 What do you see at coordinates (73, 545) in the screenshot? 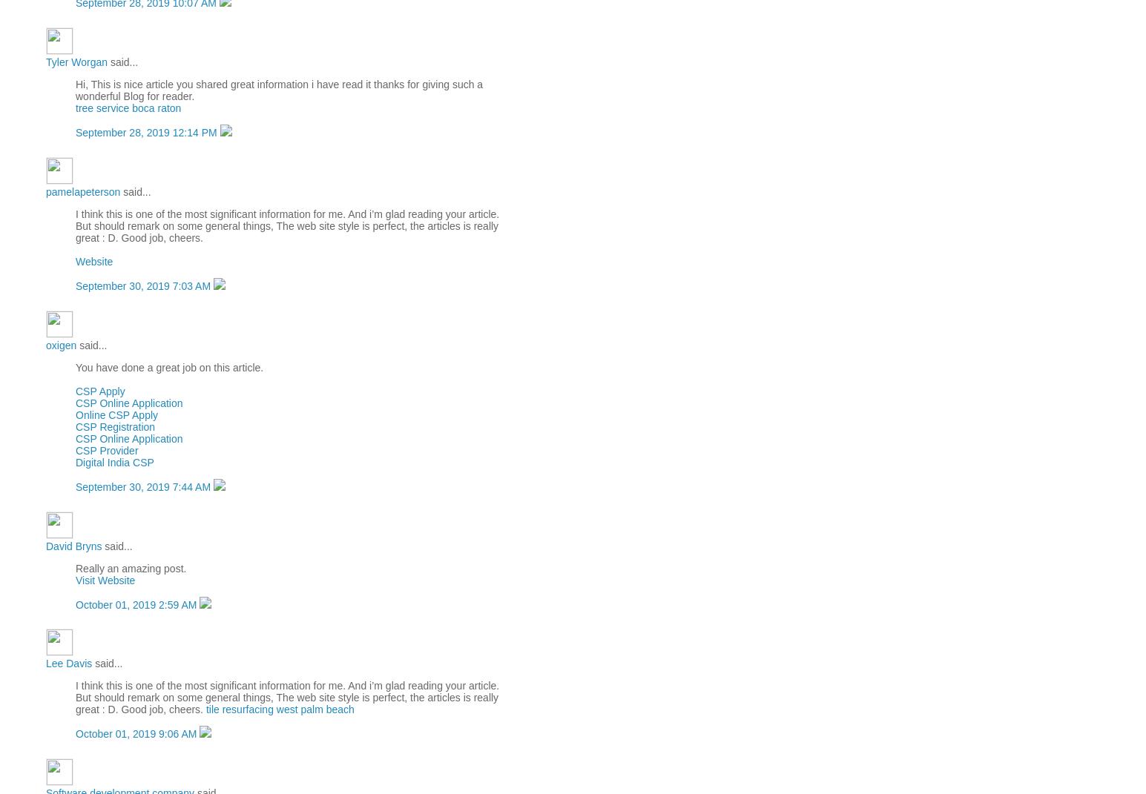
I see `'David Bryns'` at bounding box center [73, 545].